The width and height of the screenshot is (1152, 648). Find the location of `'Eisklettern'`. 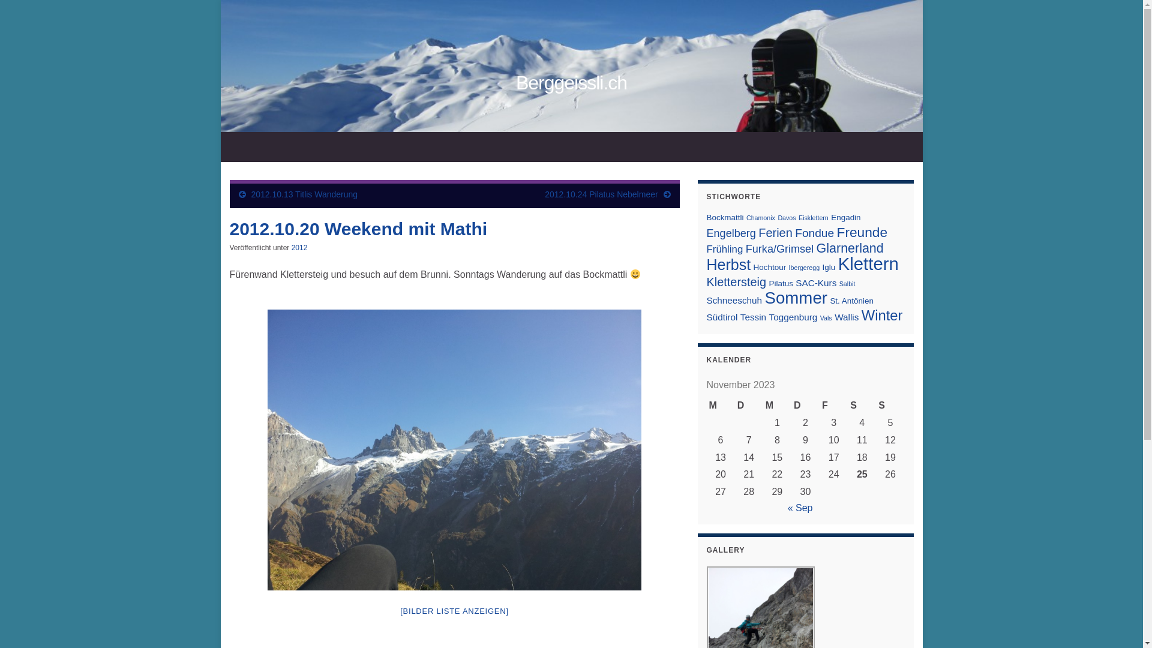

'Eisklettern' is located at coordinates (814, 217).